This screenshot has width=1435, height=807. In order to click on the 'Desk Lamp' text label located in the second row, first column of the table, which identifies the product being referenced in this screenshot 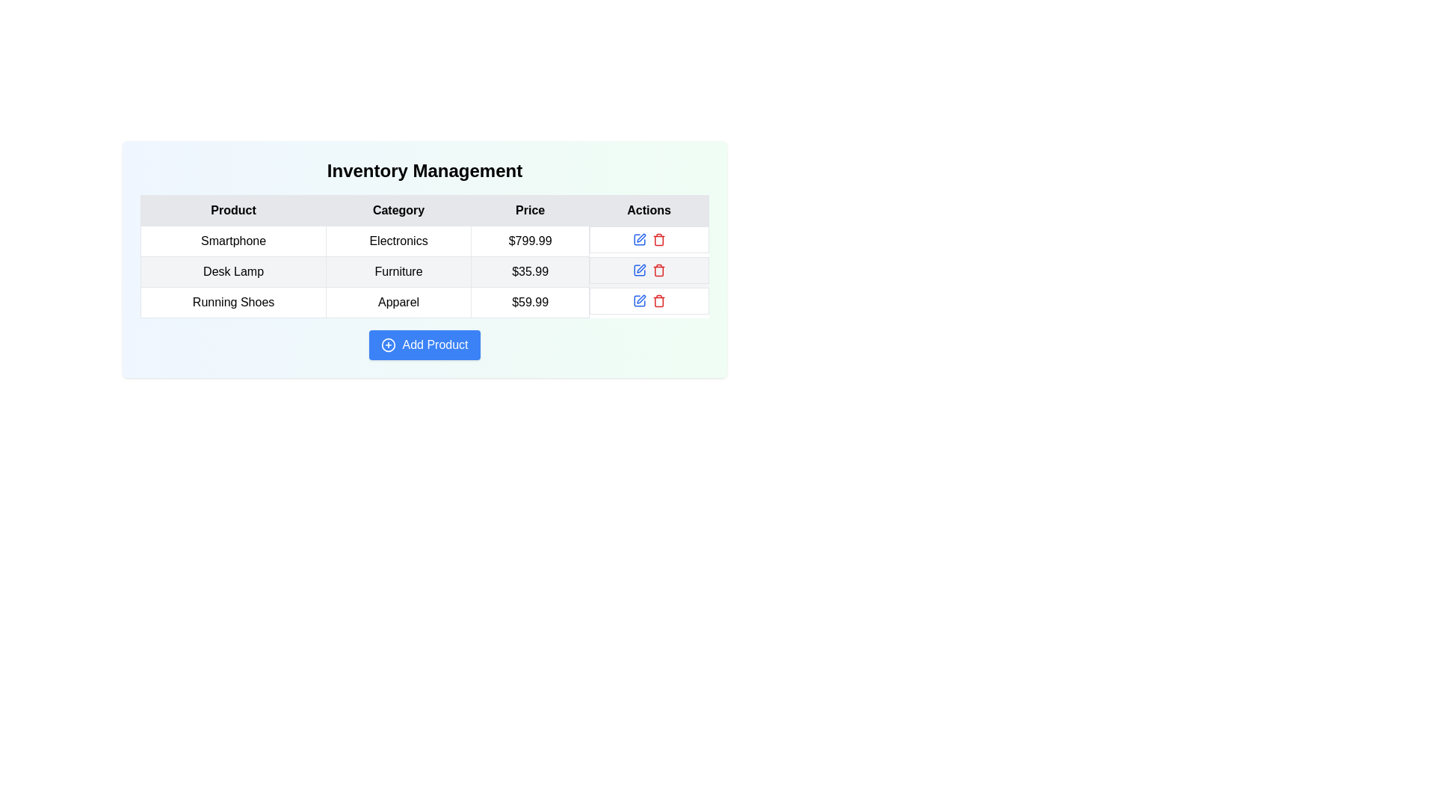, I will do `click(232, 271)`.